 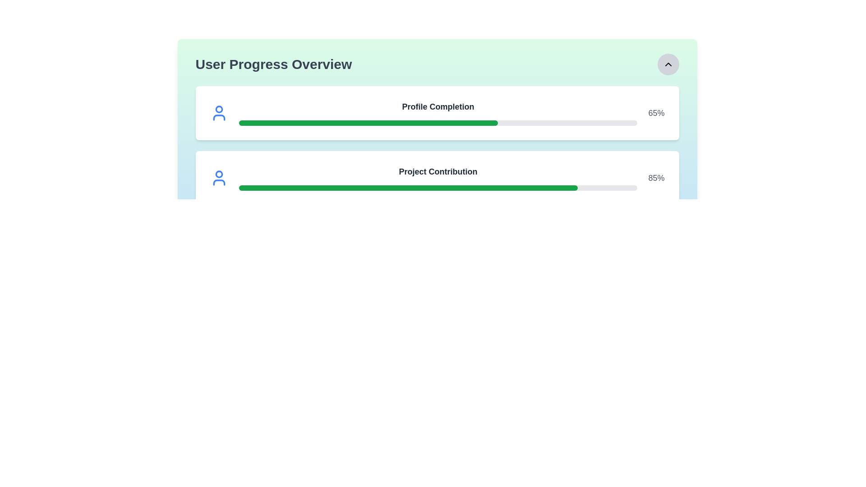 I want to click on the horizontal green progress bar located underneath the 'Project Contribution' heading, so click(x=408, y=187).